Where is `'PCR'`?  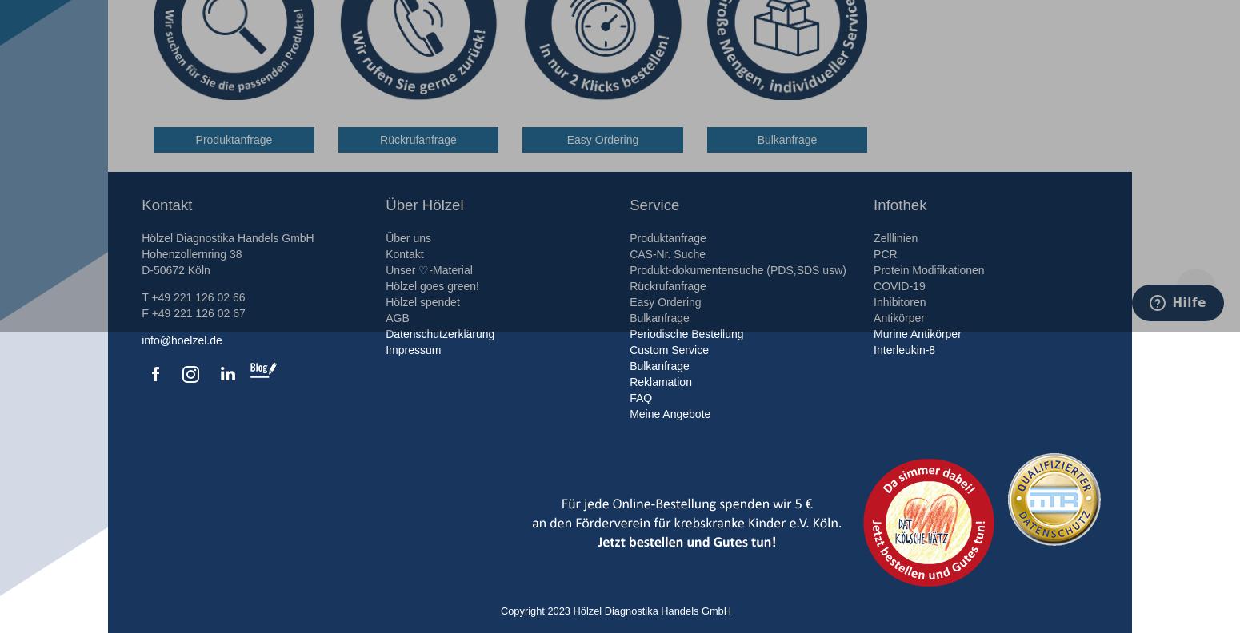 'PCR' is located at coordinates (884, 253).